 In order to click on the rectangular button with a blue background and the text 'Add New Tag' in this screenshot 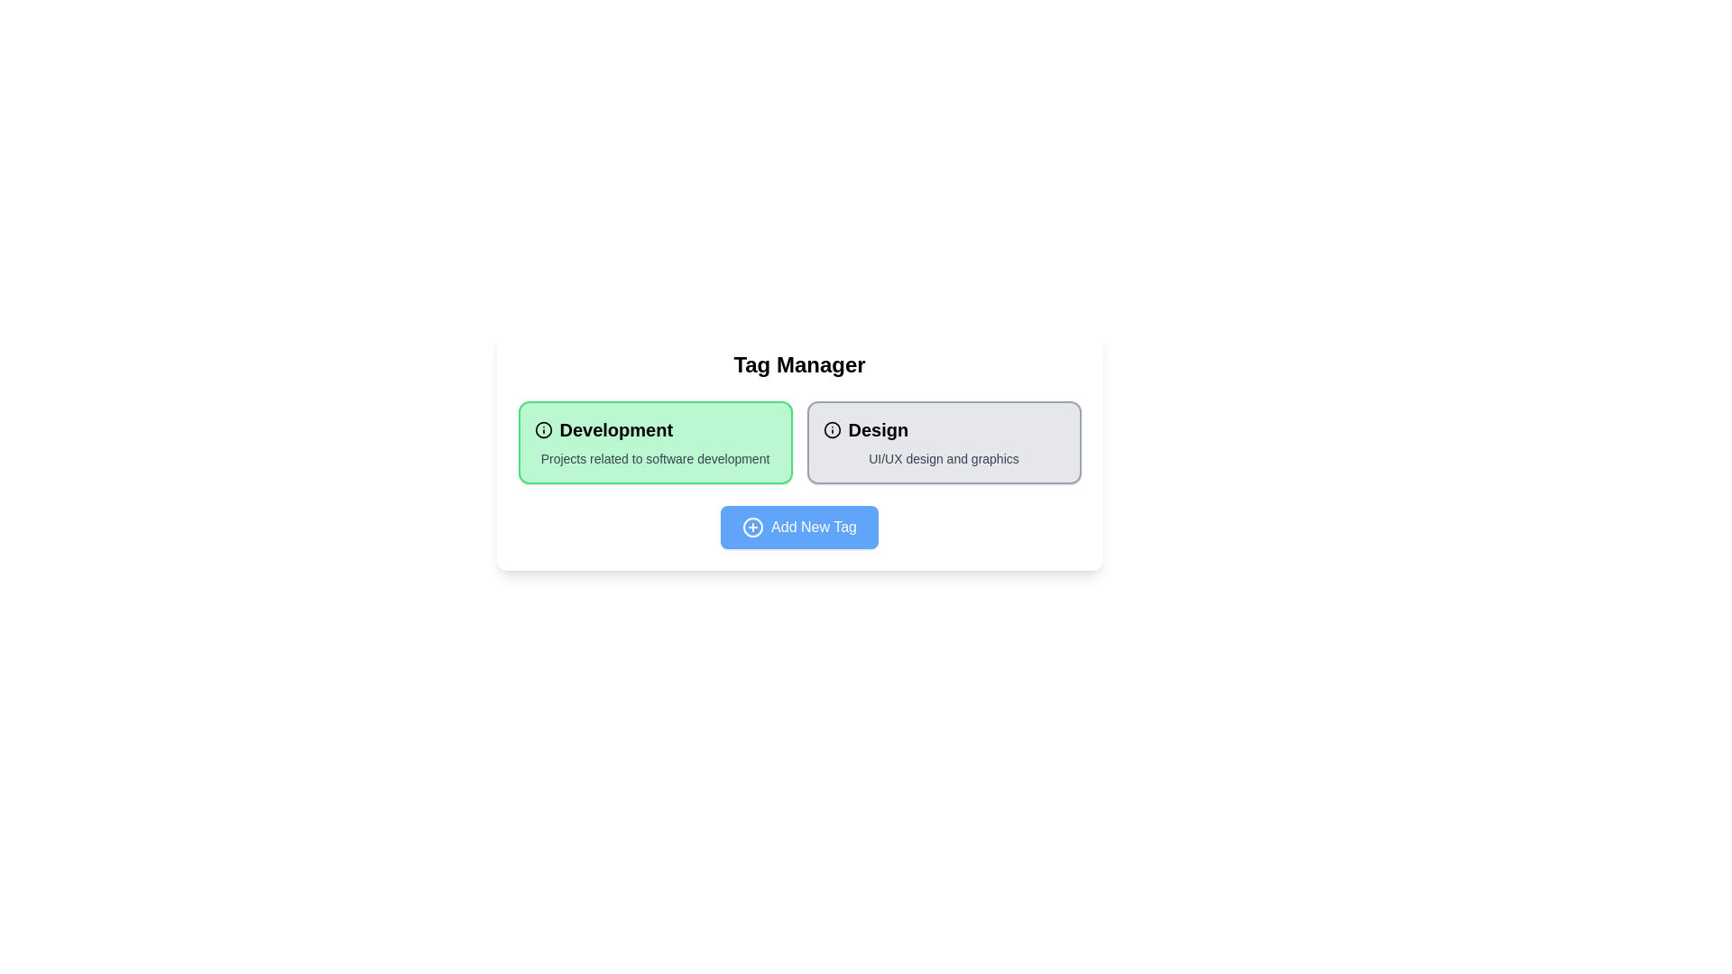, I will do `click(798, 528)`.